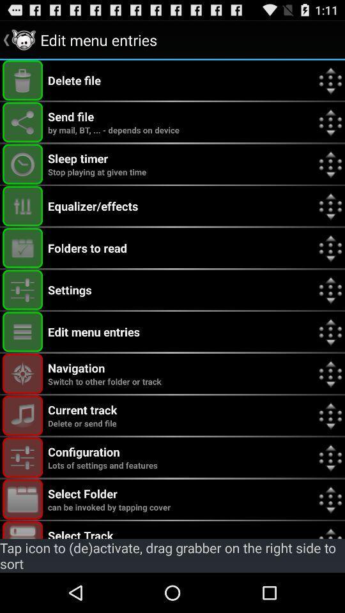 The image size is (345, 613). What do you see at coordinates (22, 499) in the screenshot?
I see `folder for playlist` at bounding box center [22, 499].